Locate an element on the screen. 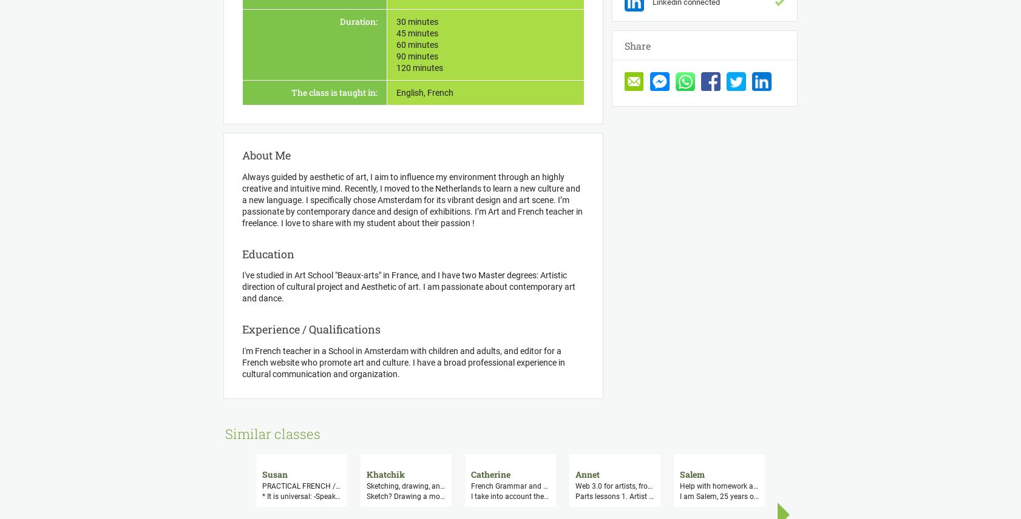  'Anne' is located at coordinates (1003, 474).